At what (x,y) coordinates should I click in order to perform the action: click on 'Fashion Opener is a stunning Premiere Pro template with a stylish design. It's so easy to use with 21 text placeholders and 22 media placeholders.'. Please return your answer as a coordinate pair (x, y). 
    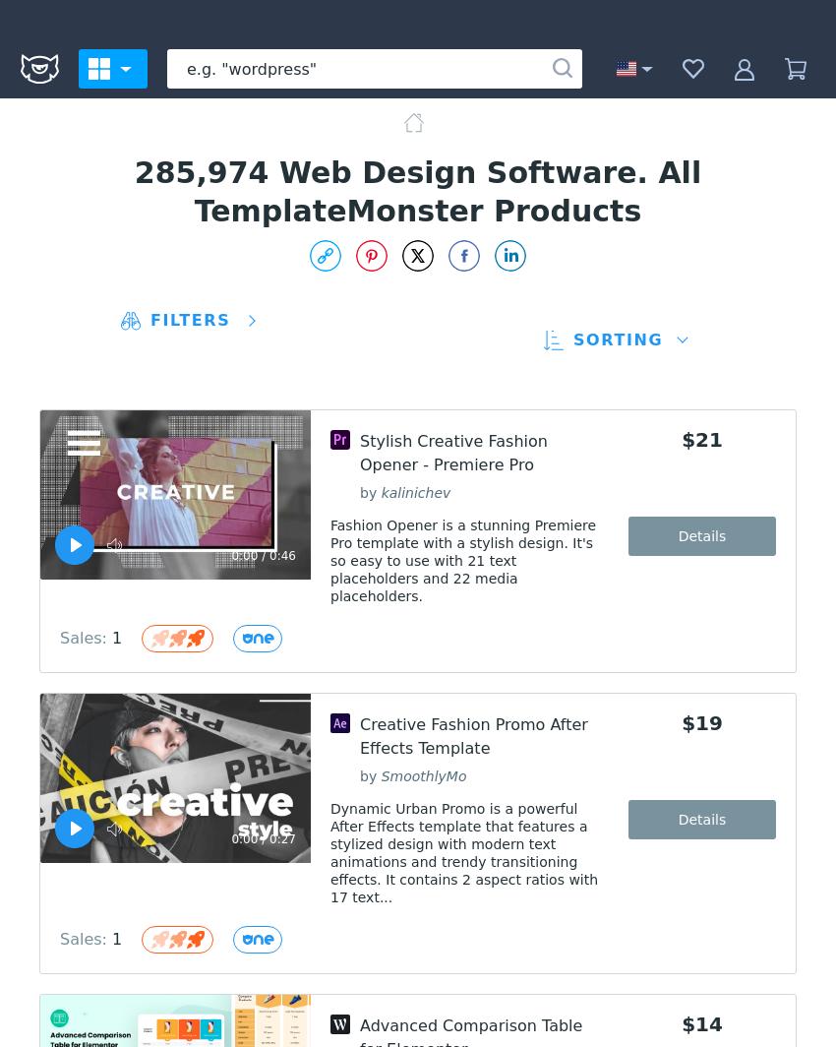
    Looking at the image, I should click on (462, 560).